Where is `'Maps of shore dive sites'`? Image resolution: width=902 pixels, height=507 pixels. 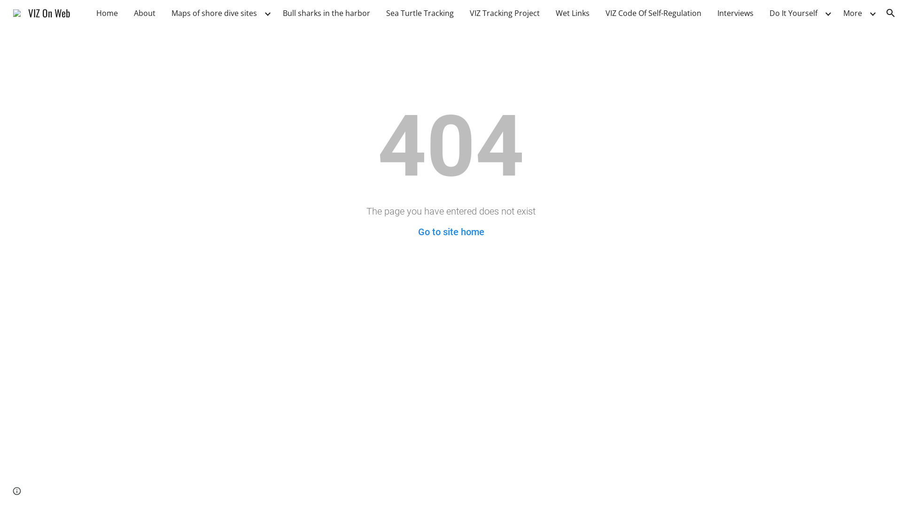
'Maps of shore dive sites' is located at coordinates (214, 13).